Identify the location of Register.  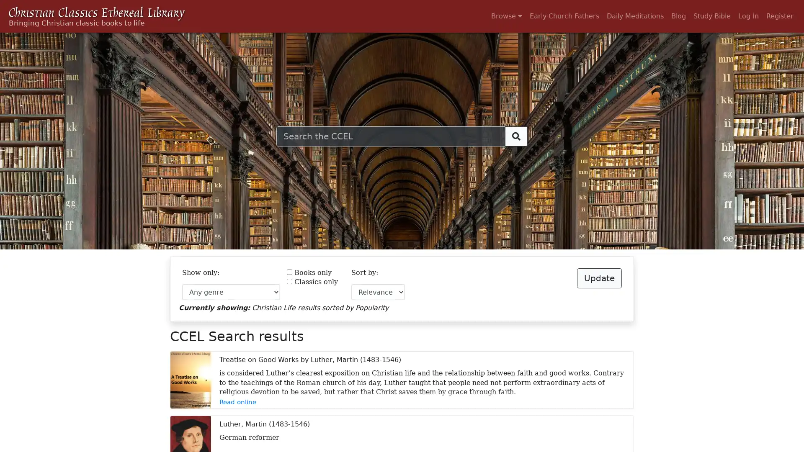
(779, 16).